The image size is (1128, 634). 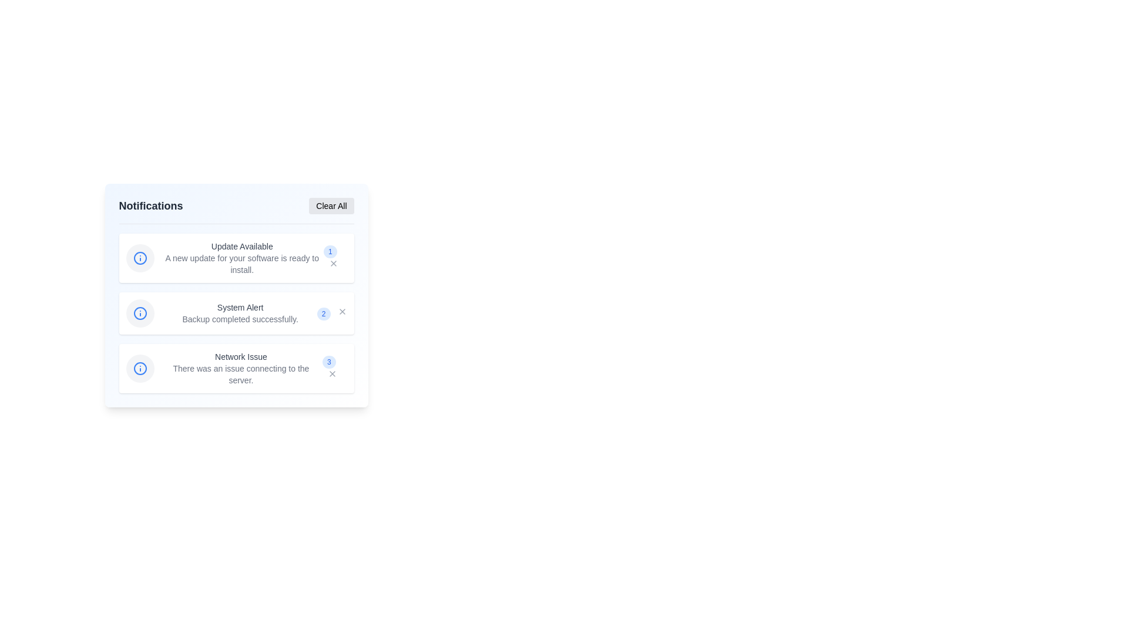 What do you see at coordinates (140, 257) in the screenshot?
I see `the Circular icon button located to the left of the 'Update Available' notification title` at bounding box center [140, 257].